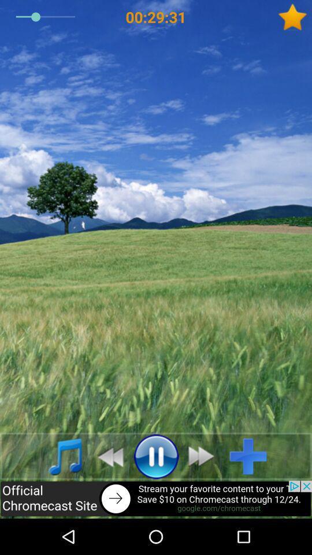  Describe the element at coordinates (252, 456) in the screenshot. I see `add` at that location.